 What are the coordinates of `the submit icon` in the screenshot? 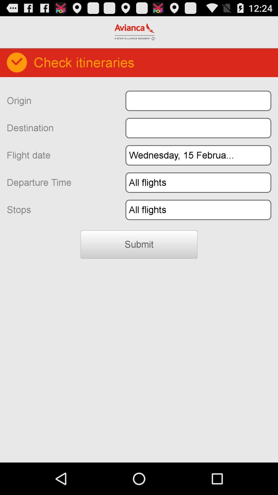 It's located at (139, 244).